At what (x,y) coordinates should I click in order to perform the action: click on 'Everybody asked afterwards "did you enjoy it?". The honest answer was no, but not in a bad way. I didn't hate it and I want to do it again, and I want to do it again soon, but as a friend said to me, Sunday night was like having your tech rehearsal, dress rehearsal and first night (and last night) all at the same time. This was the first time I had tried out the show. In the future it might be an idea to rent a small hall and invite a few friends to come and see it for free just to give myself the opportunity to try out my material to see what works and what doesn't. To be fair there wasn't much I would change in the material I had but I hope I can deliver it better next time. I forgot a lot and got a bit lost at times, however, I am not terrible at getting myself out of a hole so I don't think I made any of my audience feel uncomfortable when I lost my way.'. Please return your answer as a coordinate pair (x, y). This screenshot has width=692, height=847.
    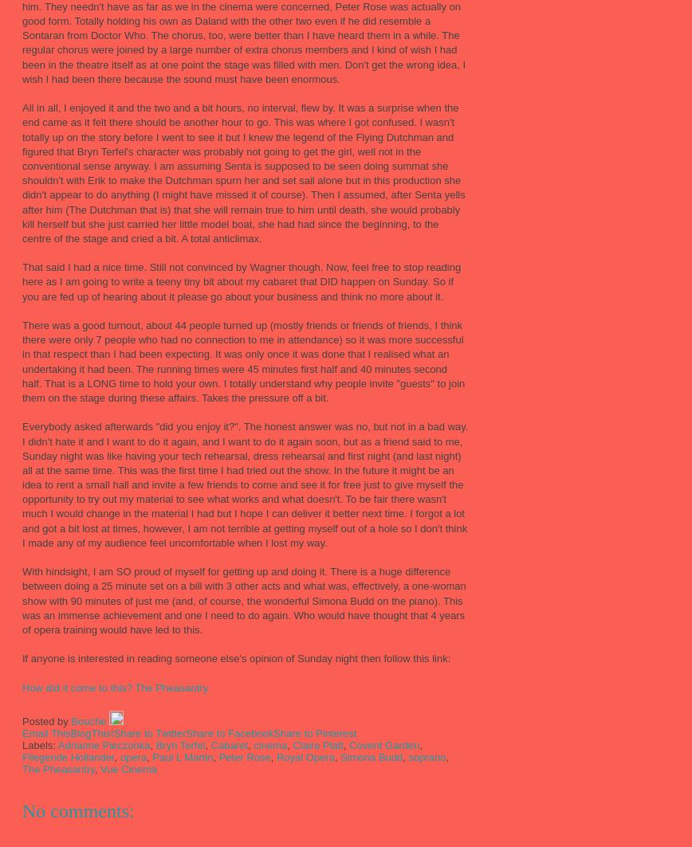
    Looking at the image, I should click on (245, 484).